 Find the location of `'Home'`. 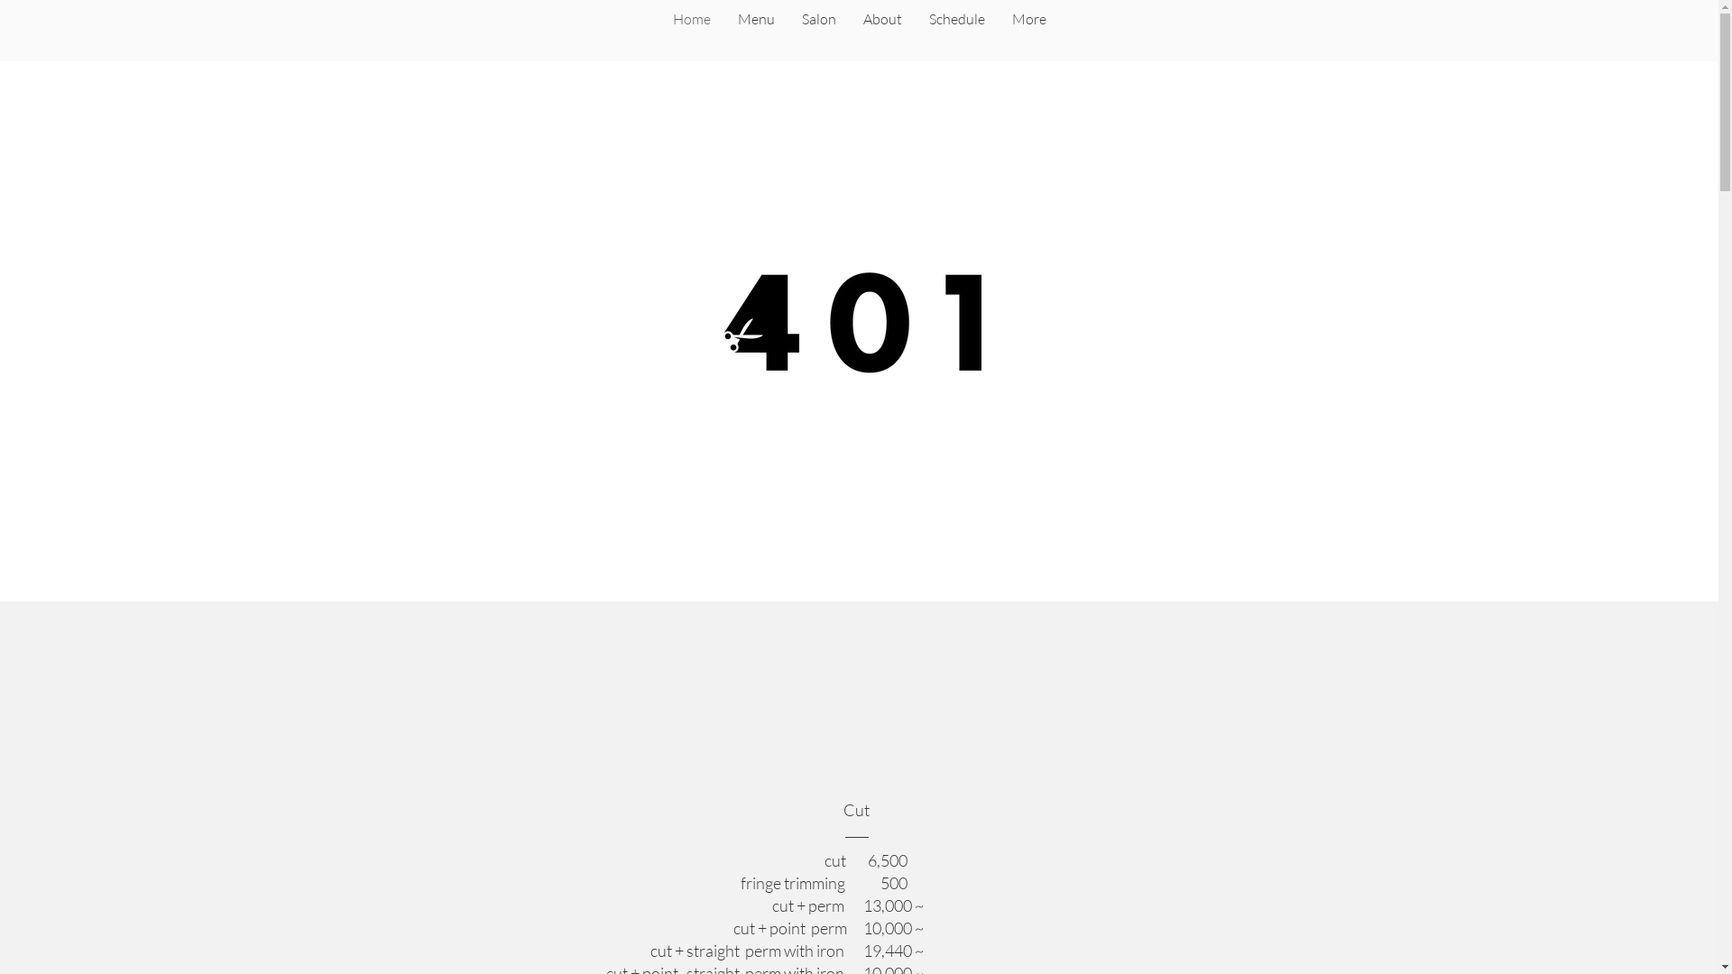

'Home' is located at coordinates (690, 31).